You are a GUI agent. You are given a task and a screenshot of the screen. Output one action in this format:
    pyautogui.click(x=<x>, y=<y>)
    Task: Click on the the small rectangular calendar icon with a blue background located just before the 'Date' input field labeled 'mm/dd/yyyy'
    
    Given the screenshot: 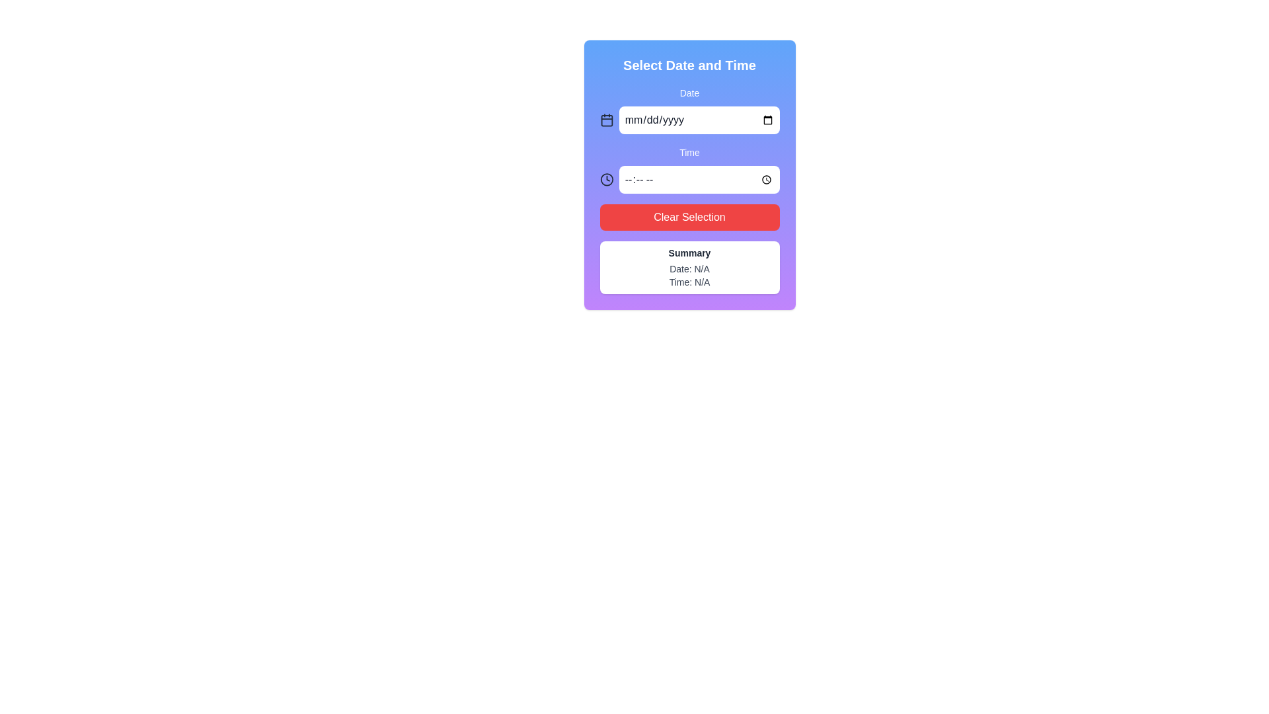 What is the action you would take?
    pyautogui.click(x=606, y=120)
    